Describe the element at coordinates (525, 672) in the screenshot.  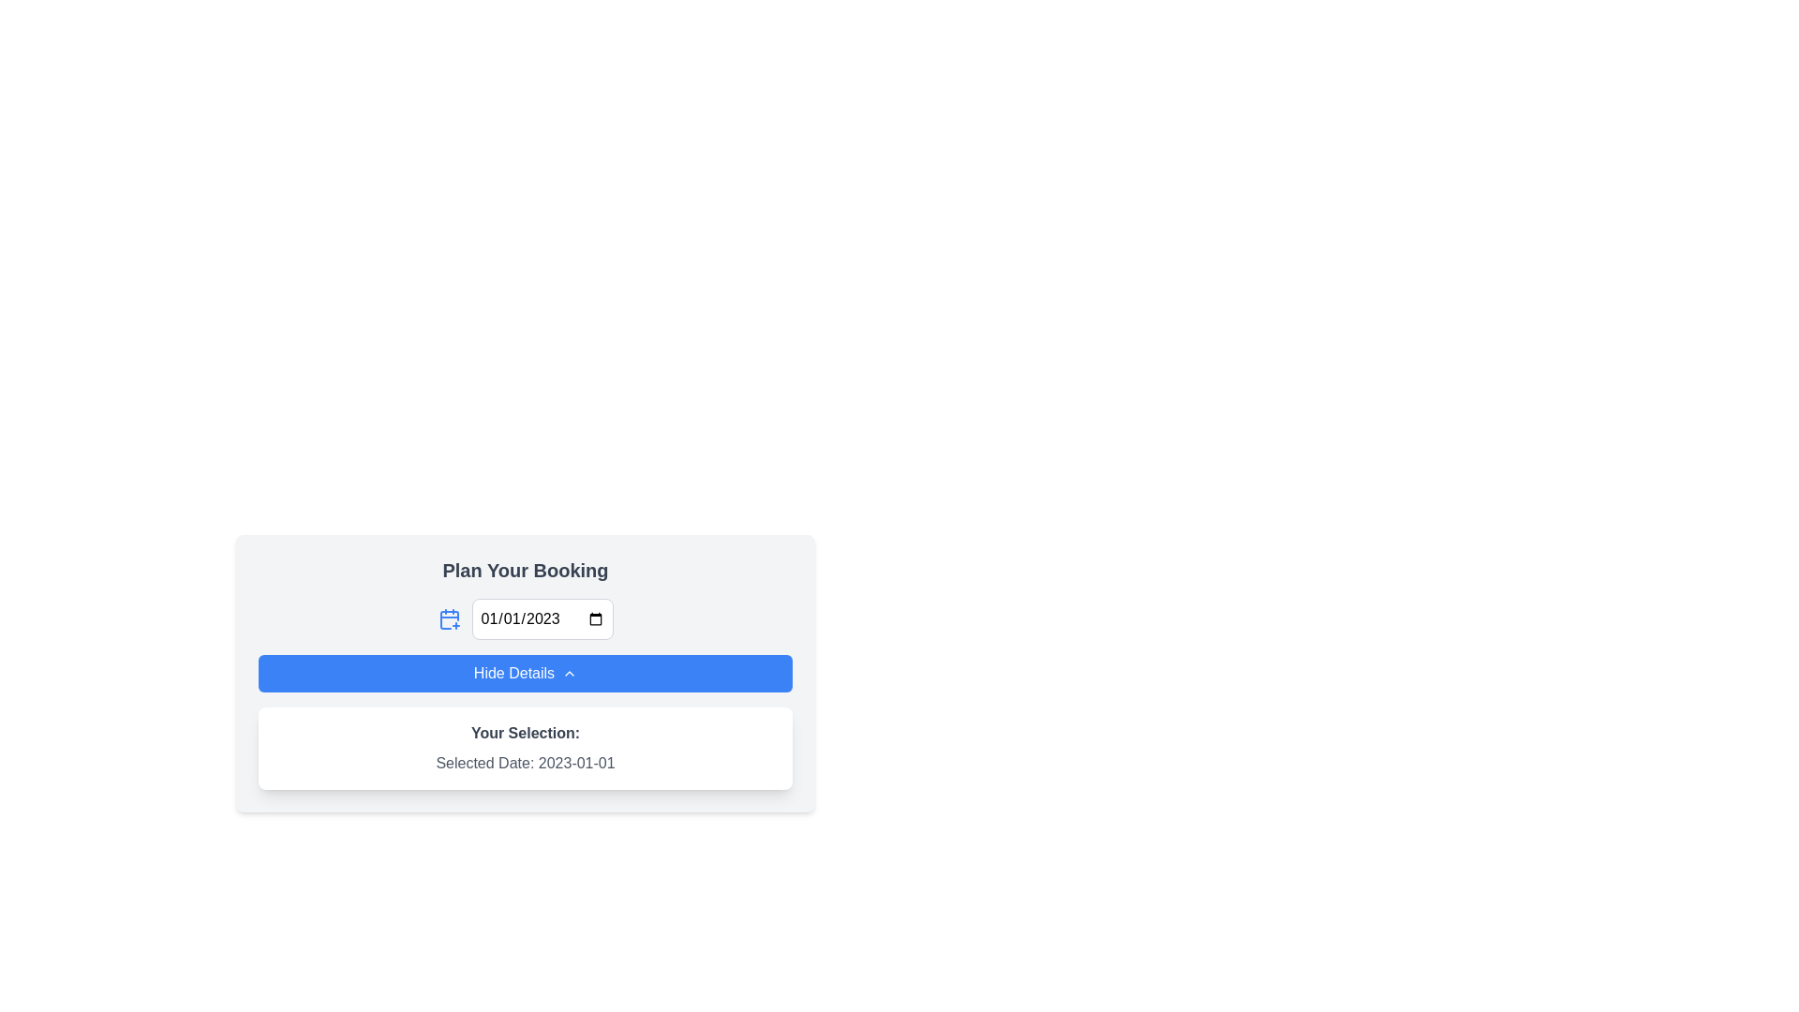
I see `the button that toggles the visibility of detailed information within the interface` at that location.